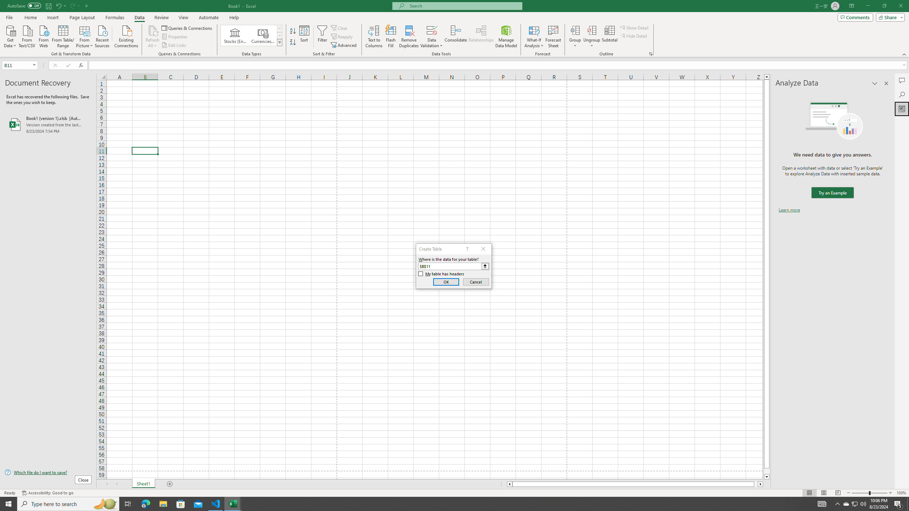 Image resolution: width=909 pixels, height=511 pixels. Describe the element at coordinates (409, 37) in the screenshot. I see `'Remove Duplicates'` at that location.